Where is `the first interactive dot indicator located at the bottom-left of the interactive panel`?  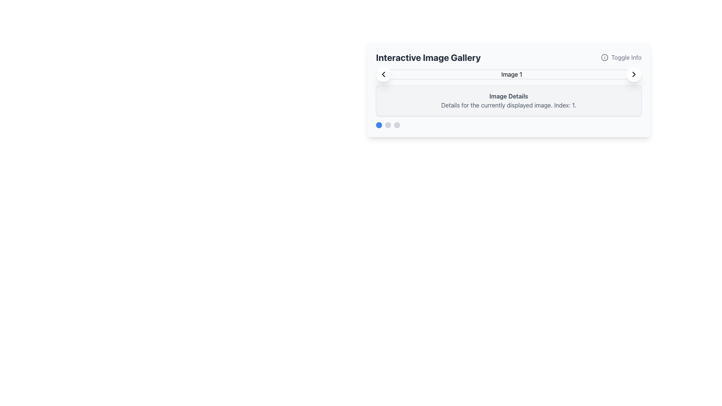 the first interactive dot indicator located at the bottom-left of the interactive panel is located at coordinates (379, 124).